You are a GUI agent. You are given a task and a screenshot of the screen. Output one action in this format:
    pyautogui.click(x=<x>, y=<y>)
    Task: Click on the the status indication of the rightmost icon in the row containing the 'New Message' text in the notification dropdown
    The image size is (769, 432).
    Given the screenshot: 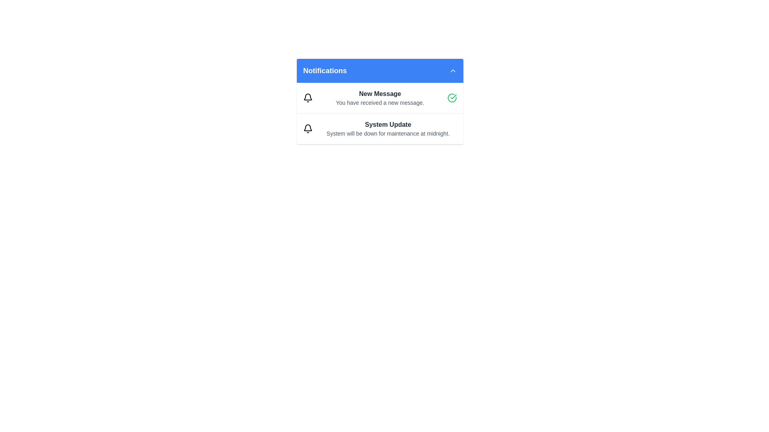 What is the action you would take?
    pyautogui.click(x=452, y=98)
    